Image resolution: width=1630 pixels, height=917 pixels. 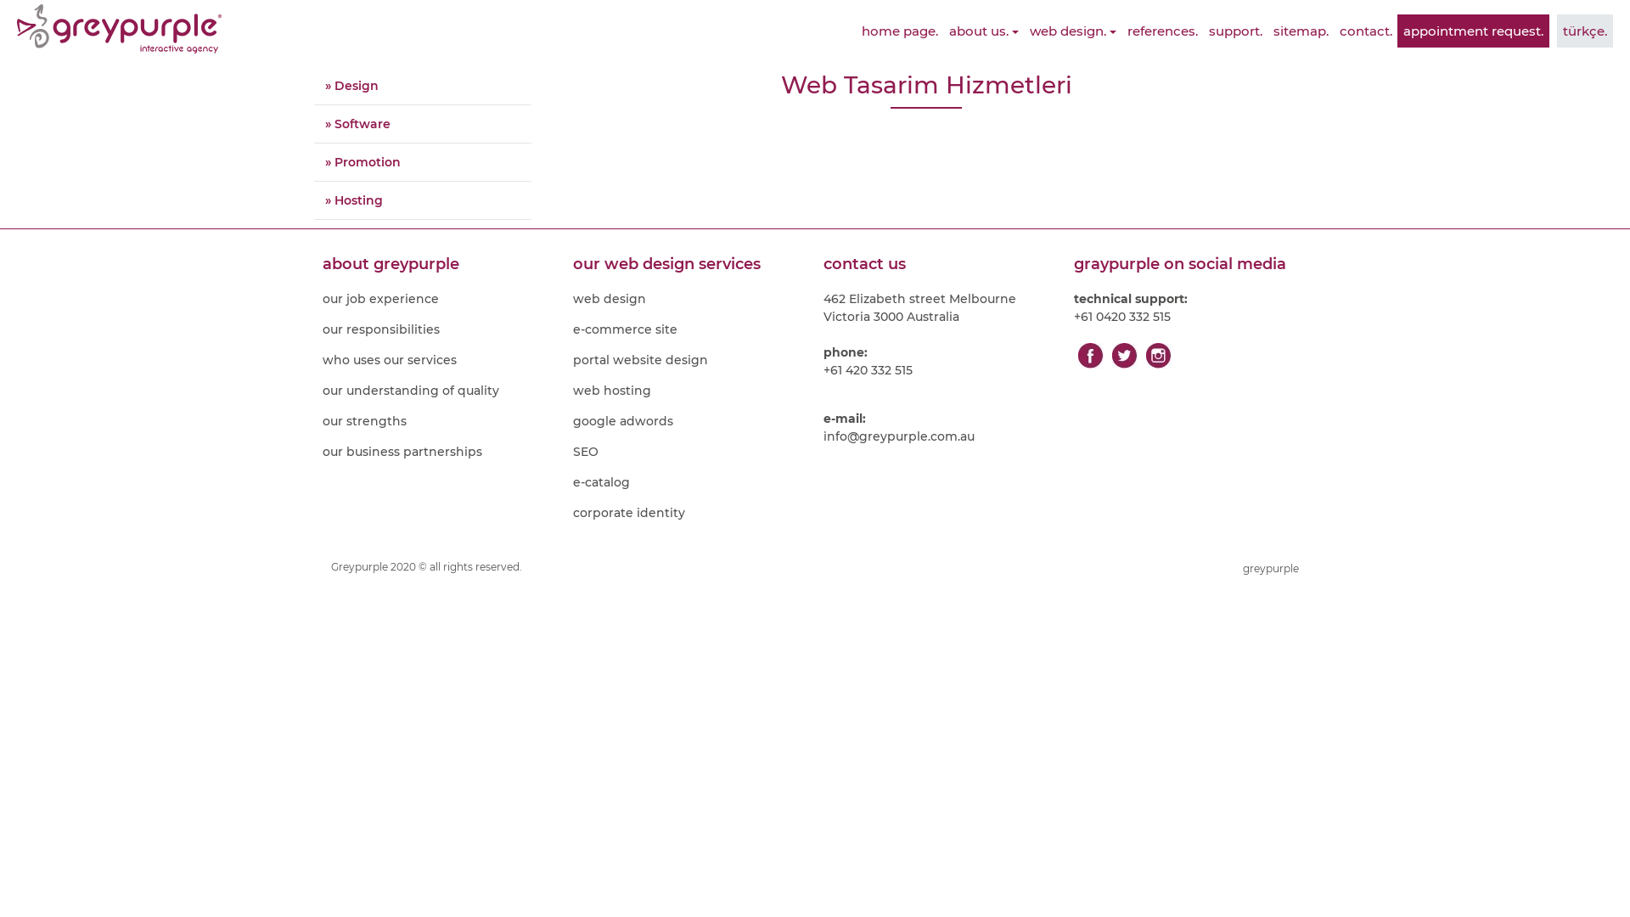 What do you see at coordinates (573, 482) in the screenshot?
I see `'e-catalog'` at bounding box center [573, 482].